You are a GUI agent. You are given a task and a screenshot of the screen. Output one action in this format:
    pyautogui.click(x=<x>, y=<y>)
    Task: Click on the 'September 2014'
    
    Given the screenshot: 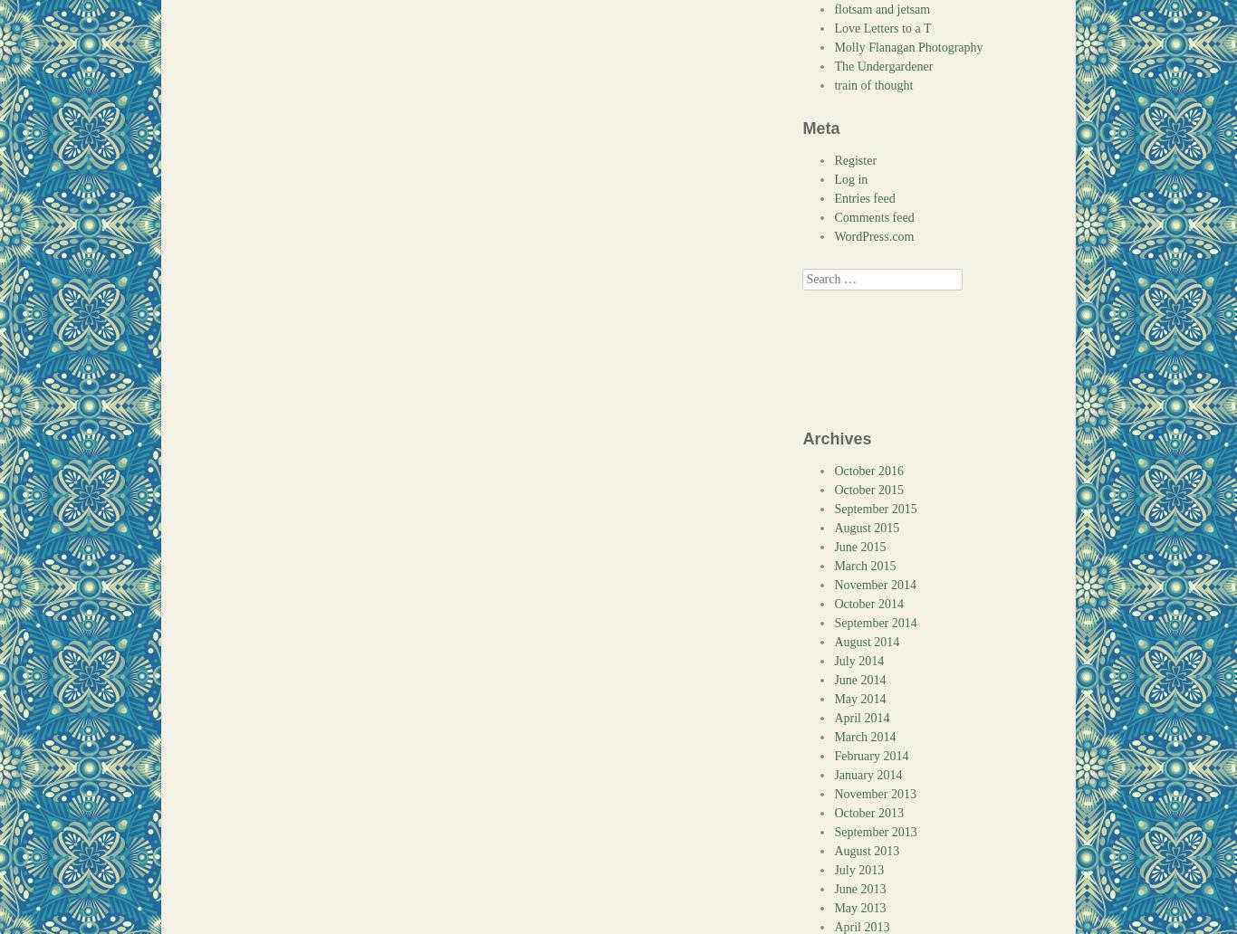 What is the action you would take?
    pyautogui.click(x=875, y=622)
    